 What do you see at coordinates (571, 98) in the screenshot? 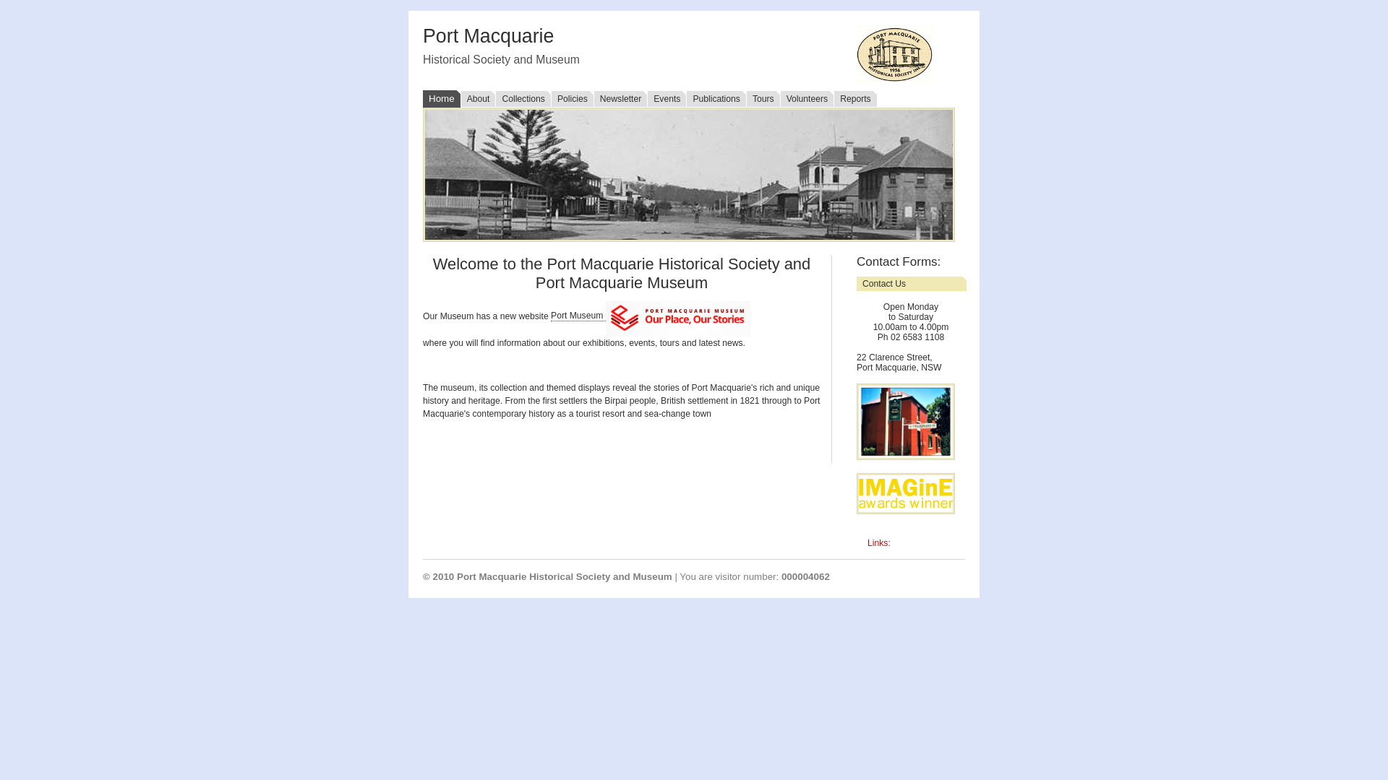
I see `'Policies'` at bounding box center [571, 98].